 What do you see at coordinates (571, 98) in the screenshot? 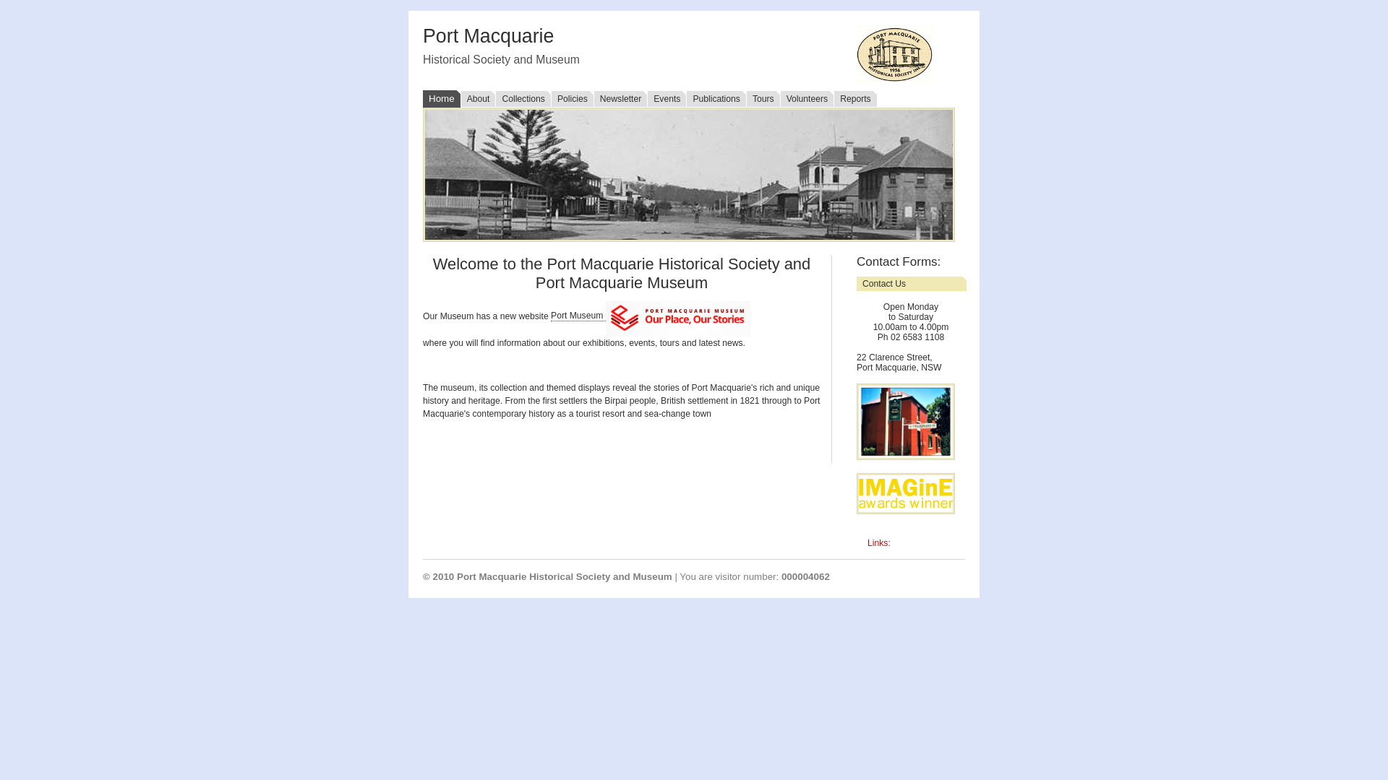
I see `'Policies'` at bounding box center [571, 98].